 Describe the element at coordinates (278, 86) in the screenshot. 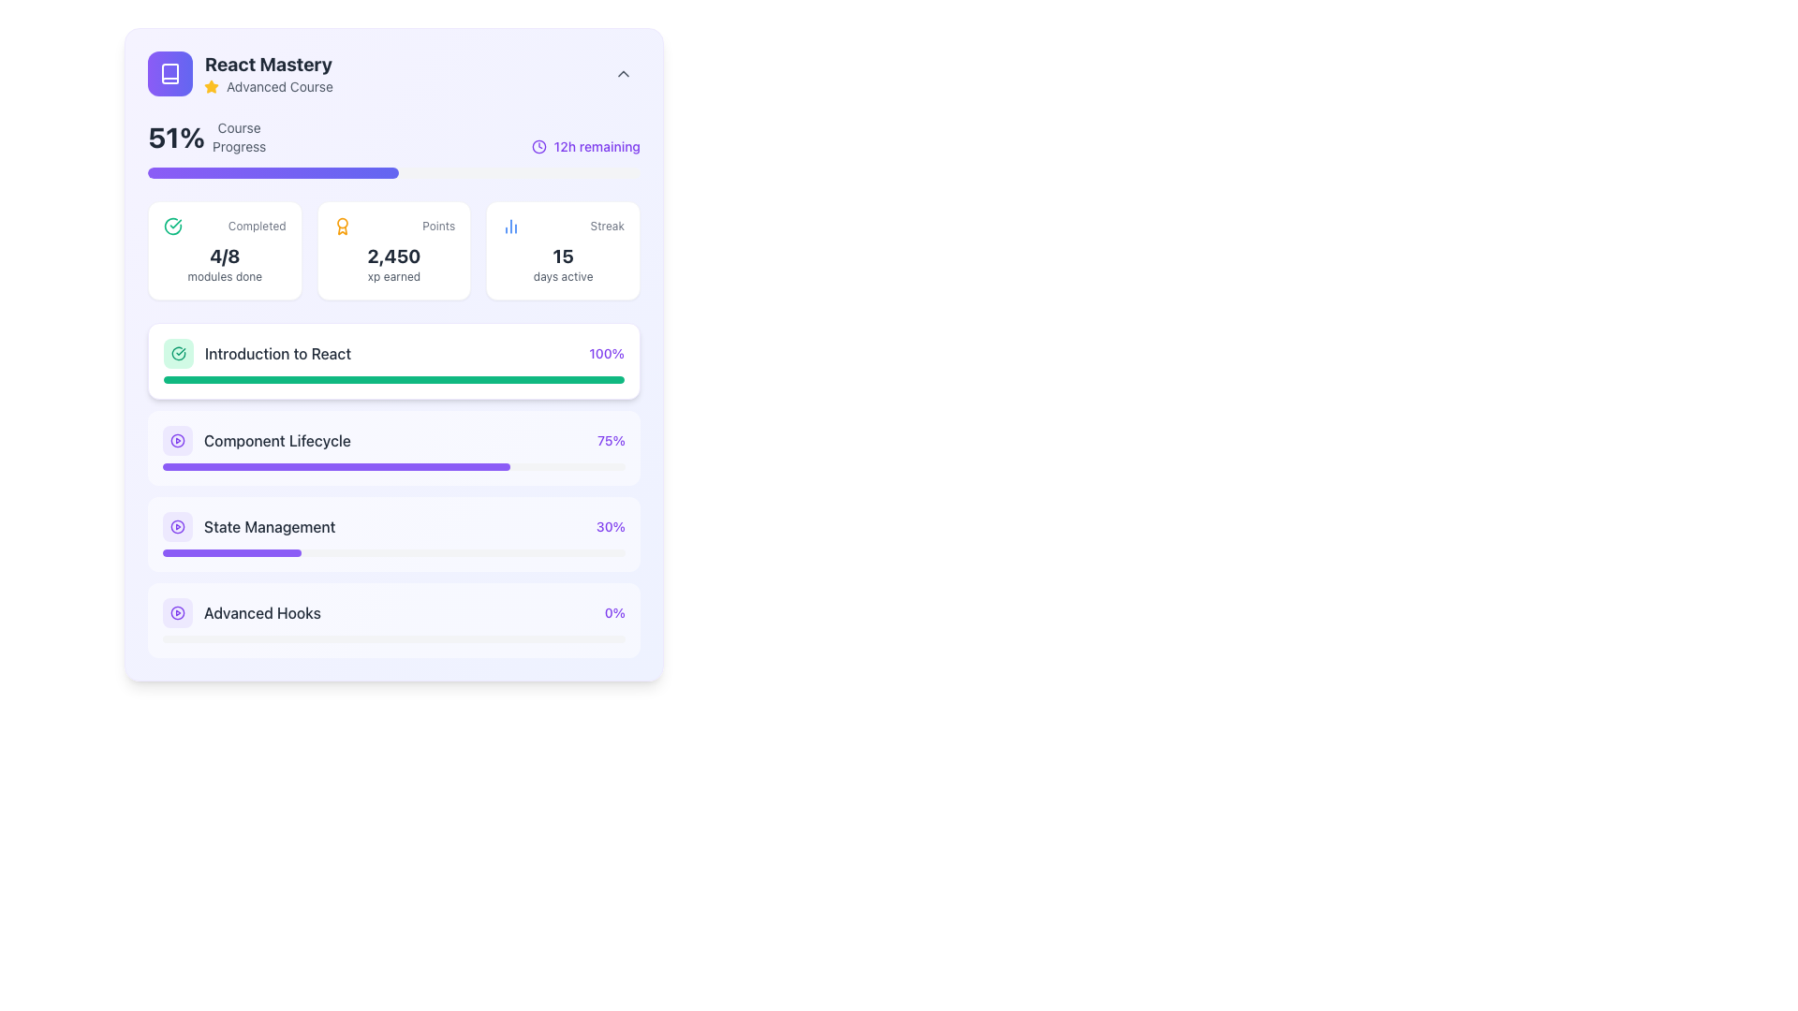

I see `text label that displays 'Advanced Course', which is styled with small, gray text and is located next to a gold star icon in the course progress dashboard` at that location.